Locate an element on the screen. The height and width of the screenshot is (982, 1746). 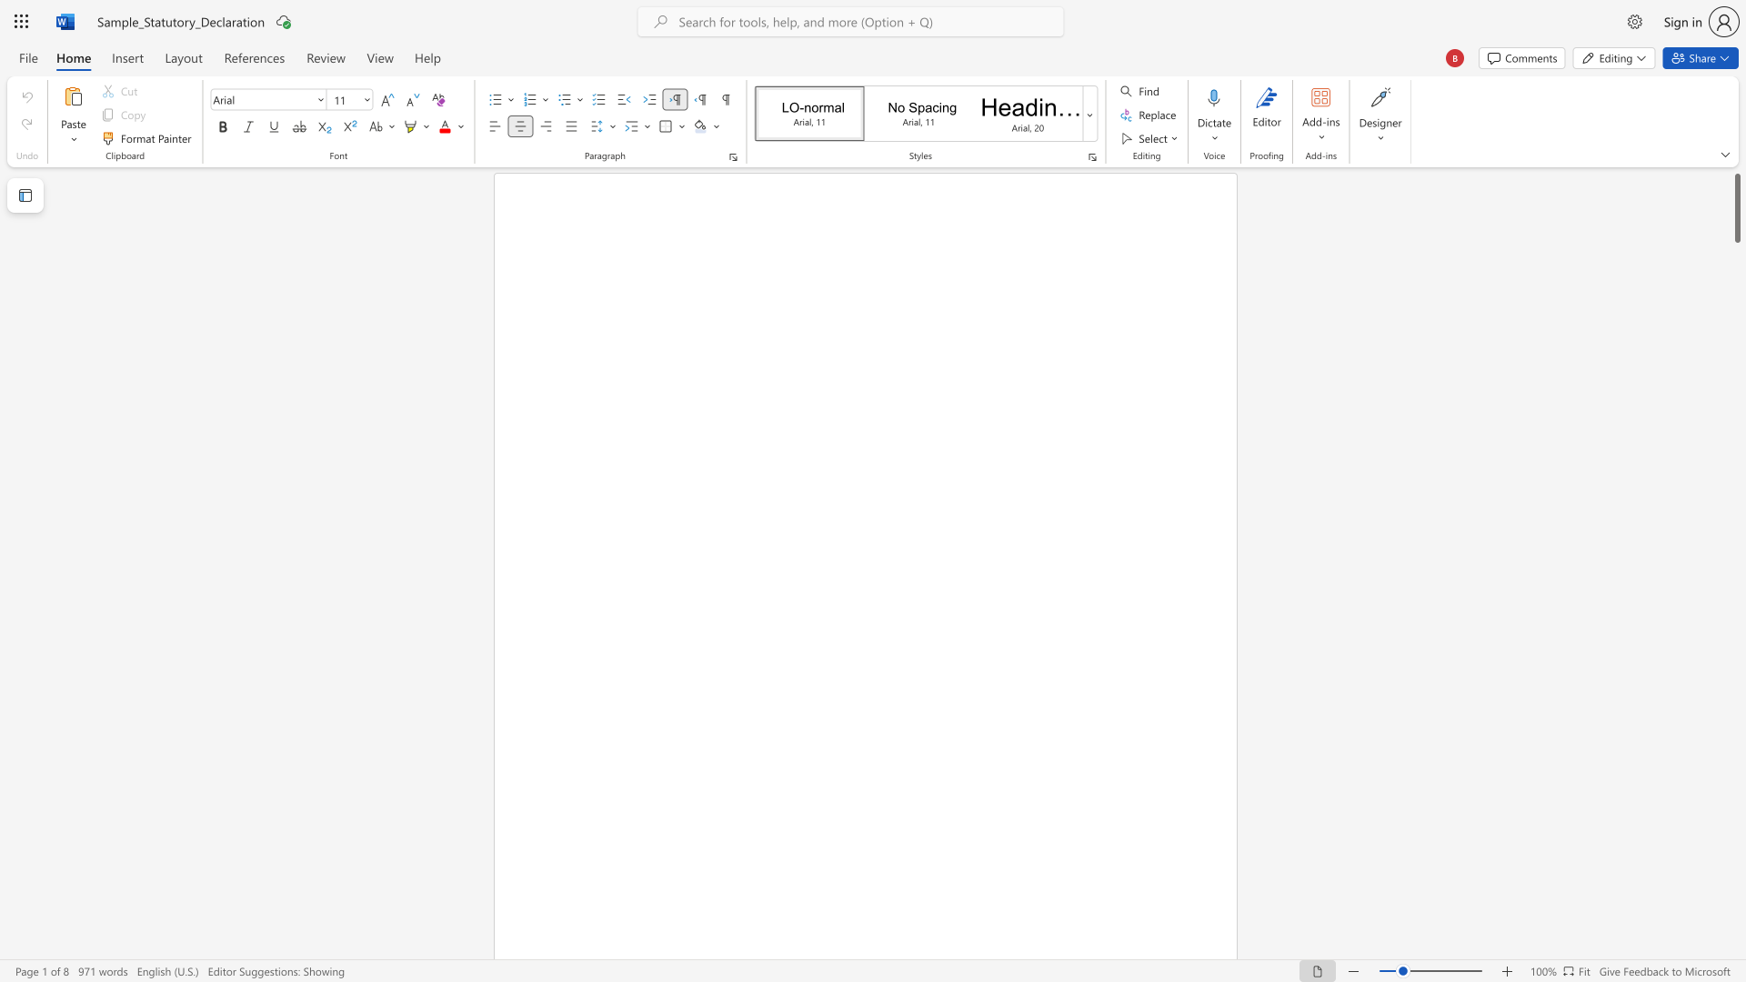
the scrollbar and move up 10 pixels is located at coordinates (1736, 207).